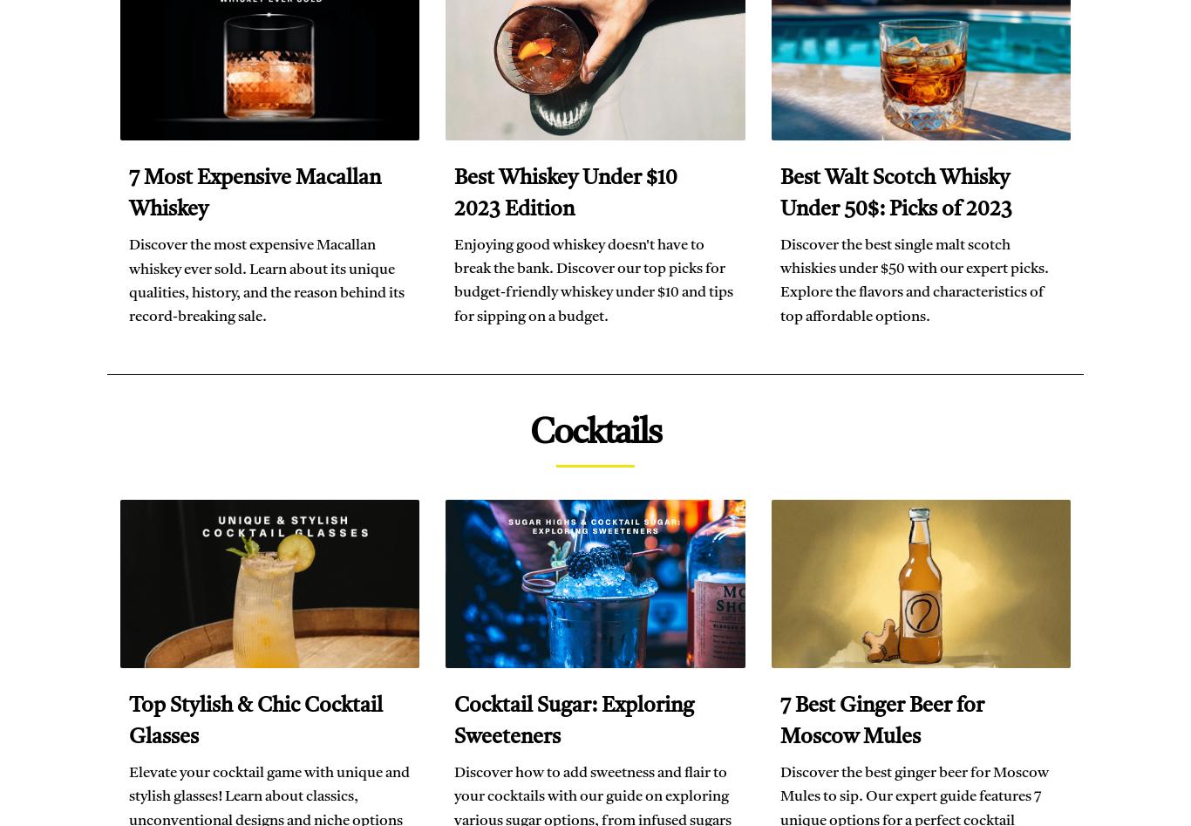 The height and width of the screenshot is (826, 1191). What do you see at coordinates (592, 279) in the screenshot?
I see `'Enjoying good whiskey doesn't have to break the bank. Discover our top picks for budget-friendly whiskey under $10 and tips for sipping on a budget.'` at bounding box center [592, 279].